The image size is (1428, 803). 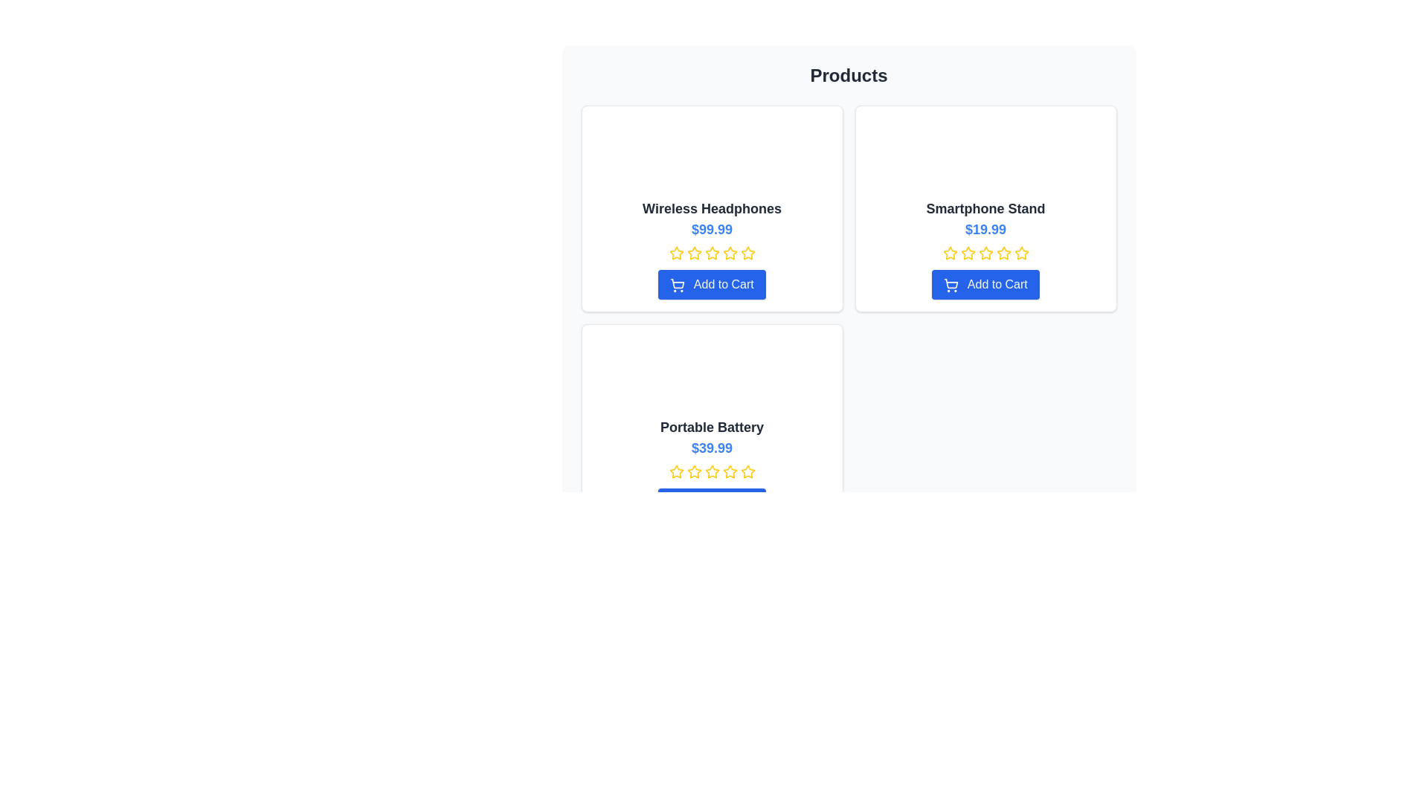 I want to click on the fifth star icon representing the highest rating in the five-star rating system for the Smartphone Stand product, located in the top-right of the product grid, so click(x=1003, y=252).